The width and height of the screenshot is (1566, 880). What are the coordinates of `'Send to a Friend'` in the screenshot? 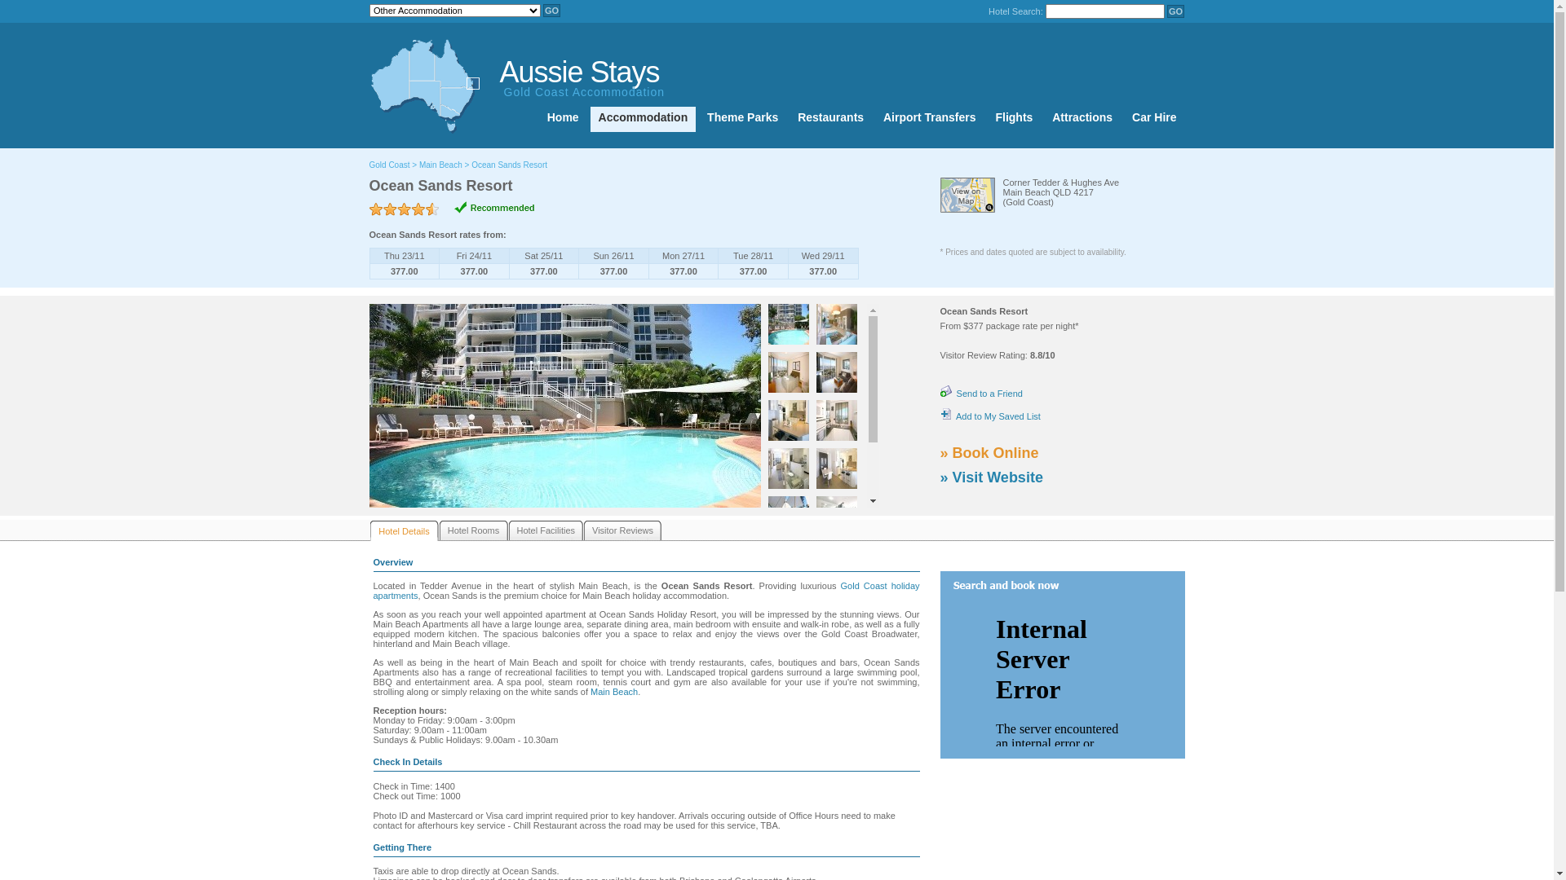 It's located at (940, 393).